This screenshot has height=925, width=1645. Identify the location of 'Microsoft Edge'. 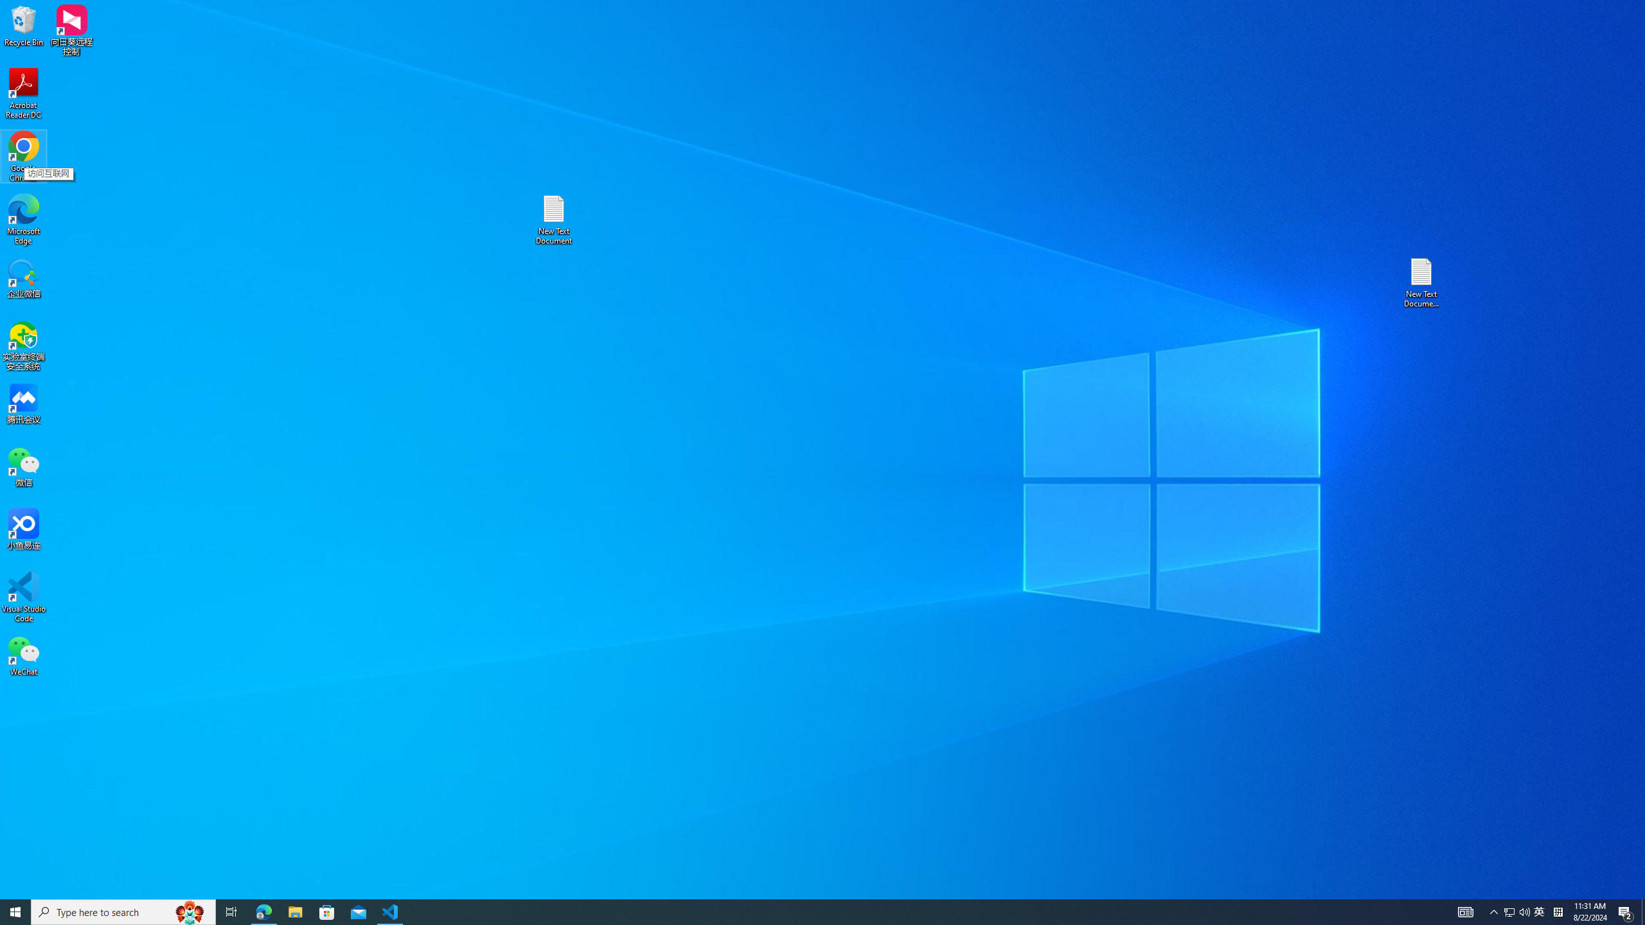
(23, 219).